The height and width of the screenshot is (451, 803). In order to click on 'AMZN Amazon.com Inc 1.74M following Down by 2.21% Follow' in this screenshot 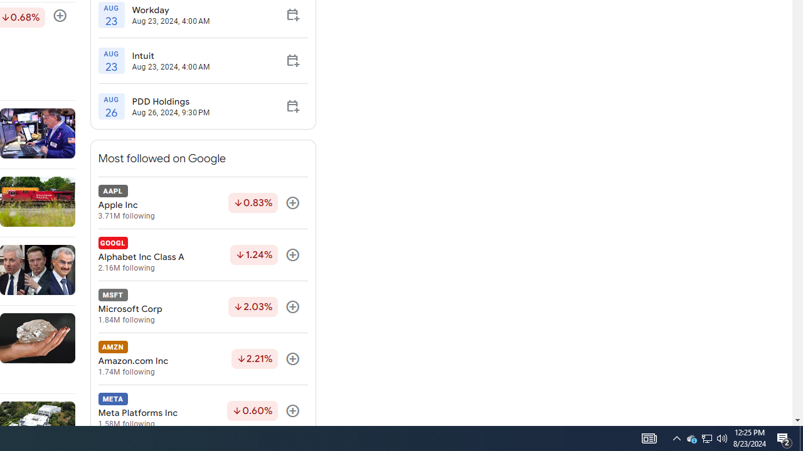, I will do `click(203, 359)`.